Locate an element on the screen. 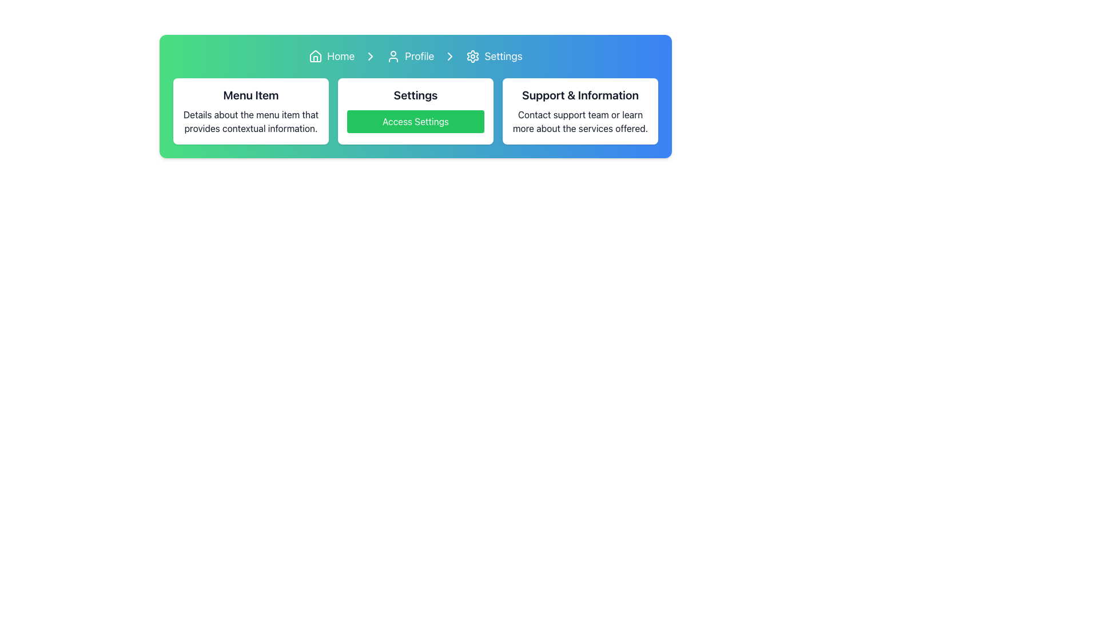 The width and height of the screenshot is (1098, 617). the third card in a row of three cards that provides information about support options and services, located to the rightmost side of the layout is located at coordinates (580, 111).